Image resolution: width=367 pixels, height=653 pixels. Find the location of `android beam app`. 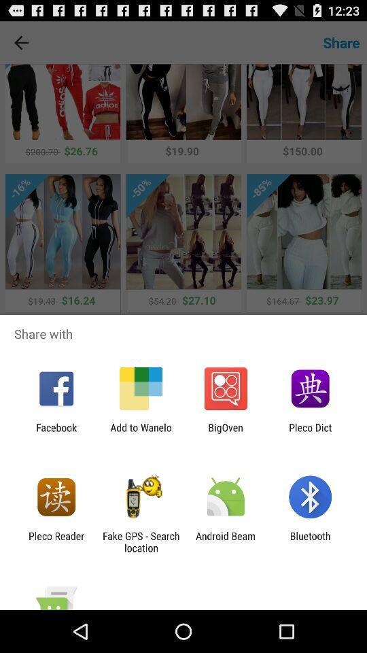

android beam app is located at coordinates (226, 541).